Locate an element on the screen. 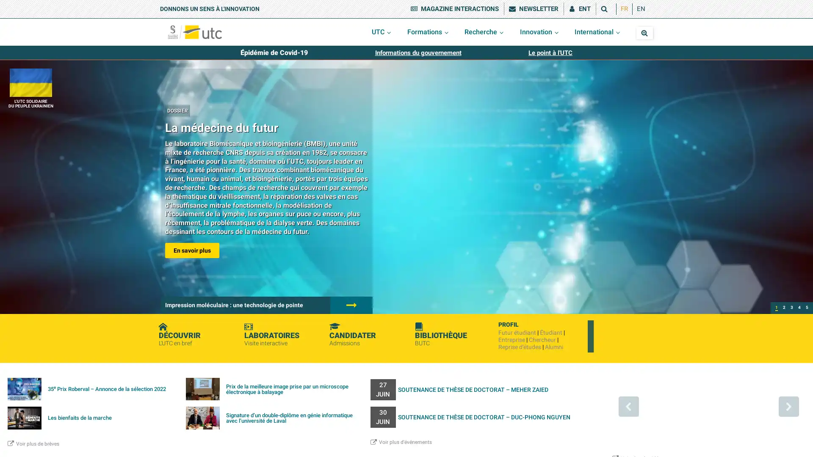 This screenshot has height=457, width=813. CFA de lUTC, un avenir se dessine is located at coordinates (791, 308).